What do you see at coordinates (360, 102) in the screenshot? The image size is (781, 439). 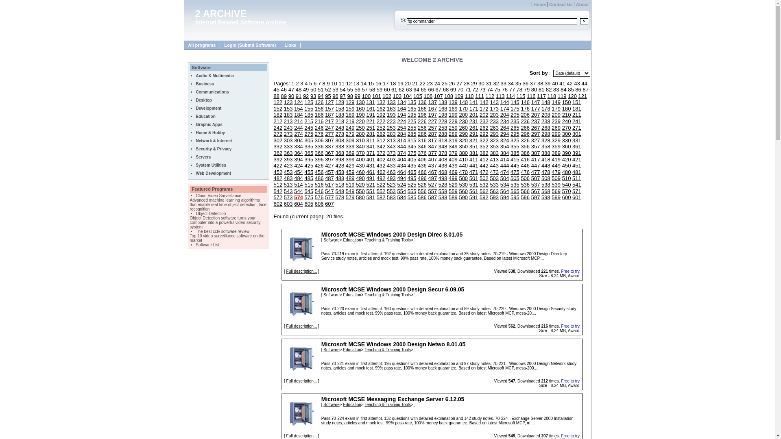 I see `'130'` at bounding box center [360, 102].